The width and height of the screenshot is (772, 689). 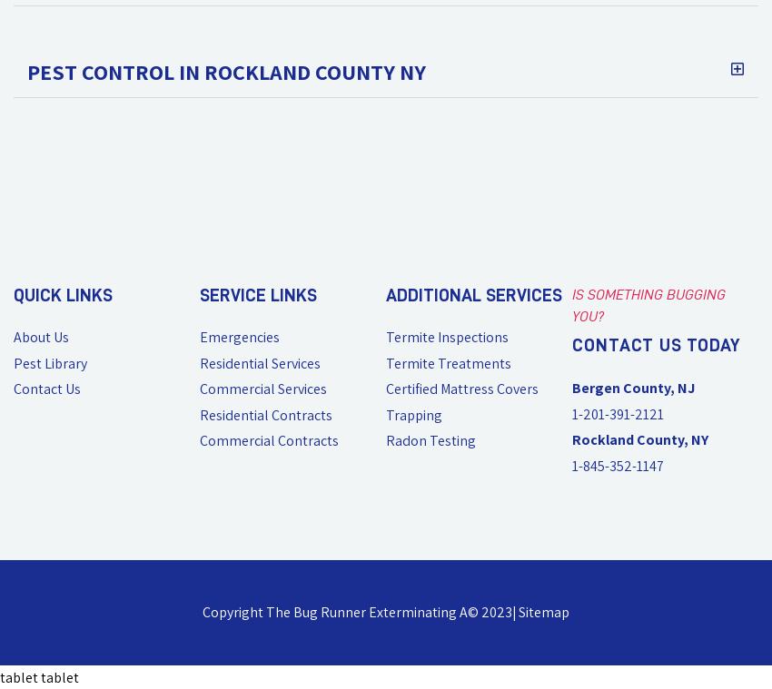 I want to click on 'Copyright The Bug Runner Exterminating', so click(x=203, y=612).